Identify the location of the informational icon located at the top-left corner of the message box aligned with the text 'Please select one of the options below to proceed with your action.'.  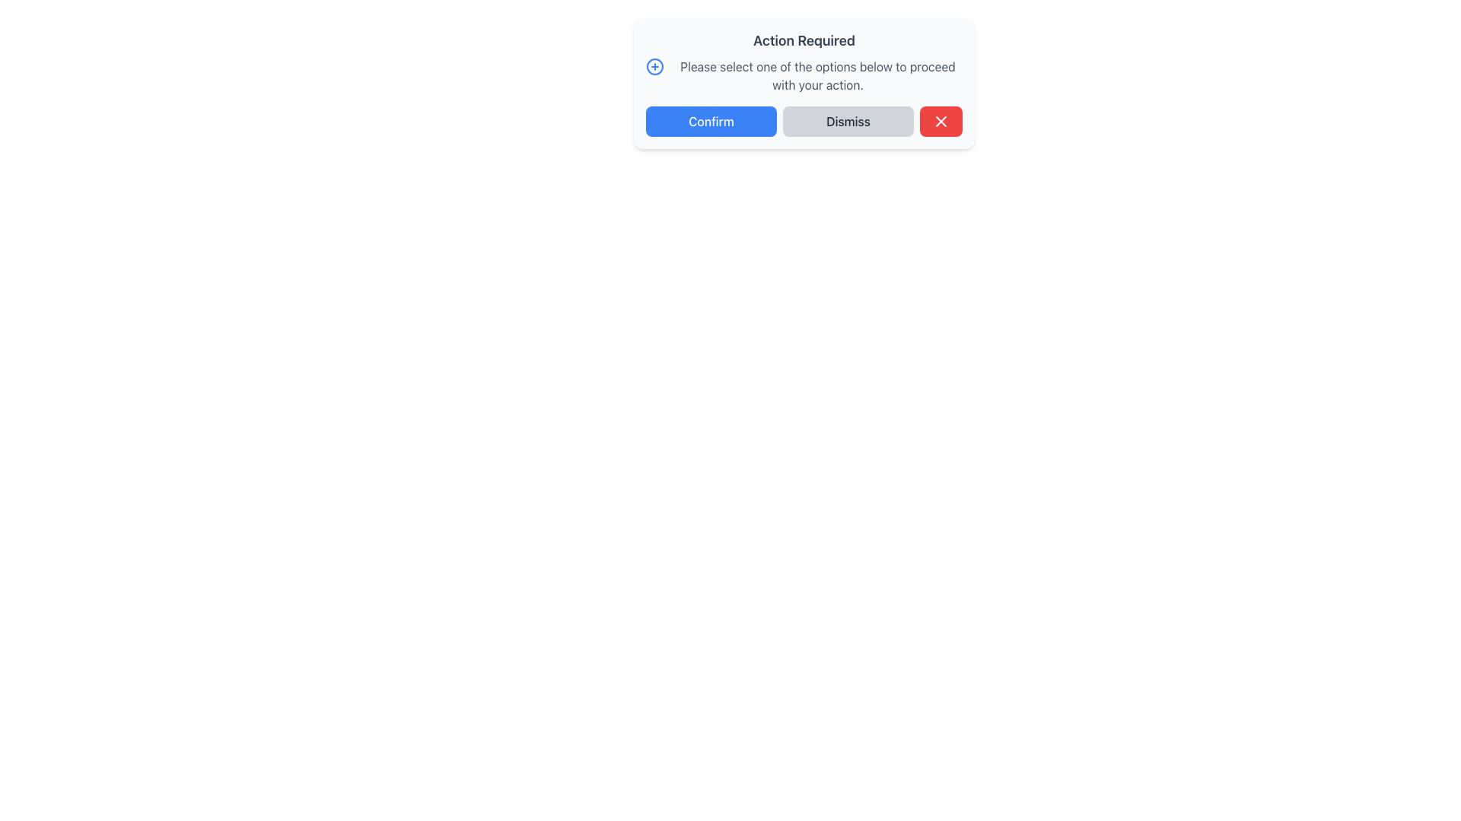
(654, 66).